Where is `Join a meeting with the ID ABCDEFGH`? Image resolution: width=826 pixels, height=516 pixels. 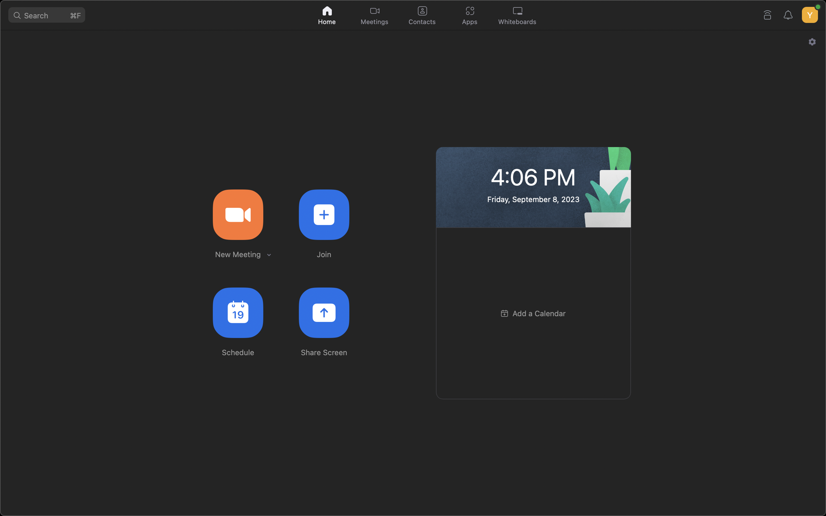
Join a meeting with the ID ABCDEFGH is located at coordinates (324, 214).